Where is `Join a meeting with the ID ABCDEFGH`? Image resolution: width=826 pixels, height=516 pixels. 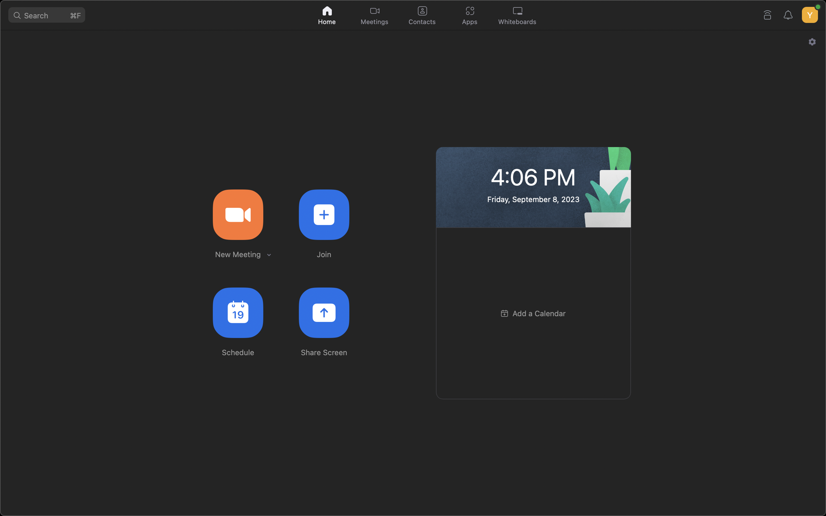
Join a meeting with the ID ABCDEFGH is located at coordinates (324, 214).